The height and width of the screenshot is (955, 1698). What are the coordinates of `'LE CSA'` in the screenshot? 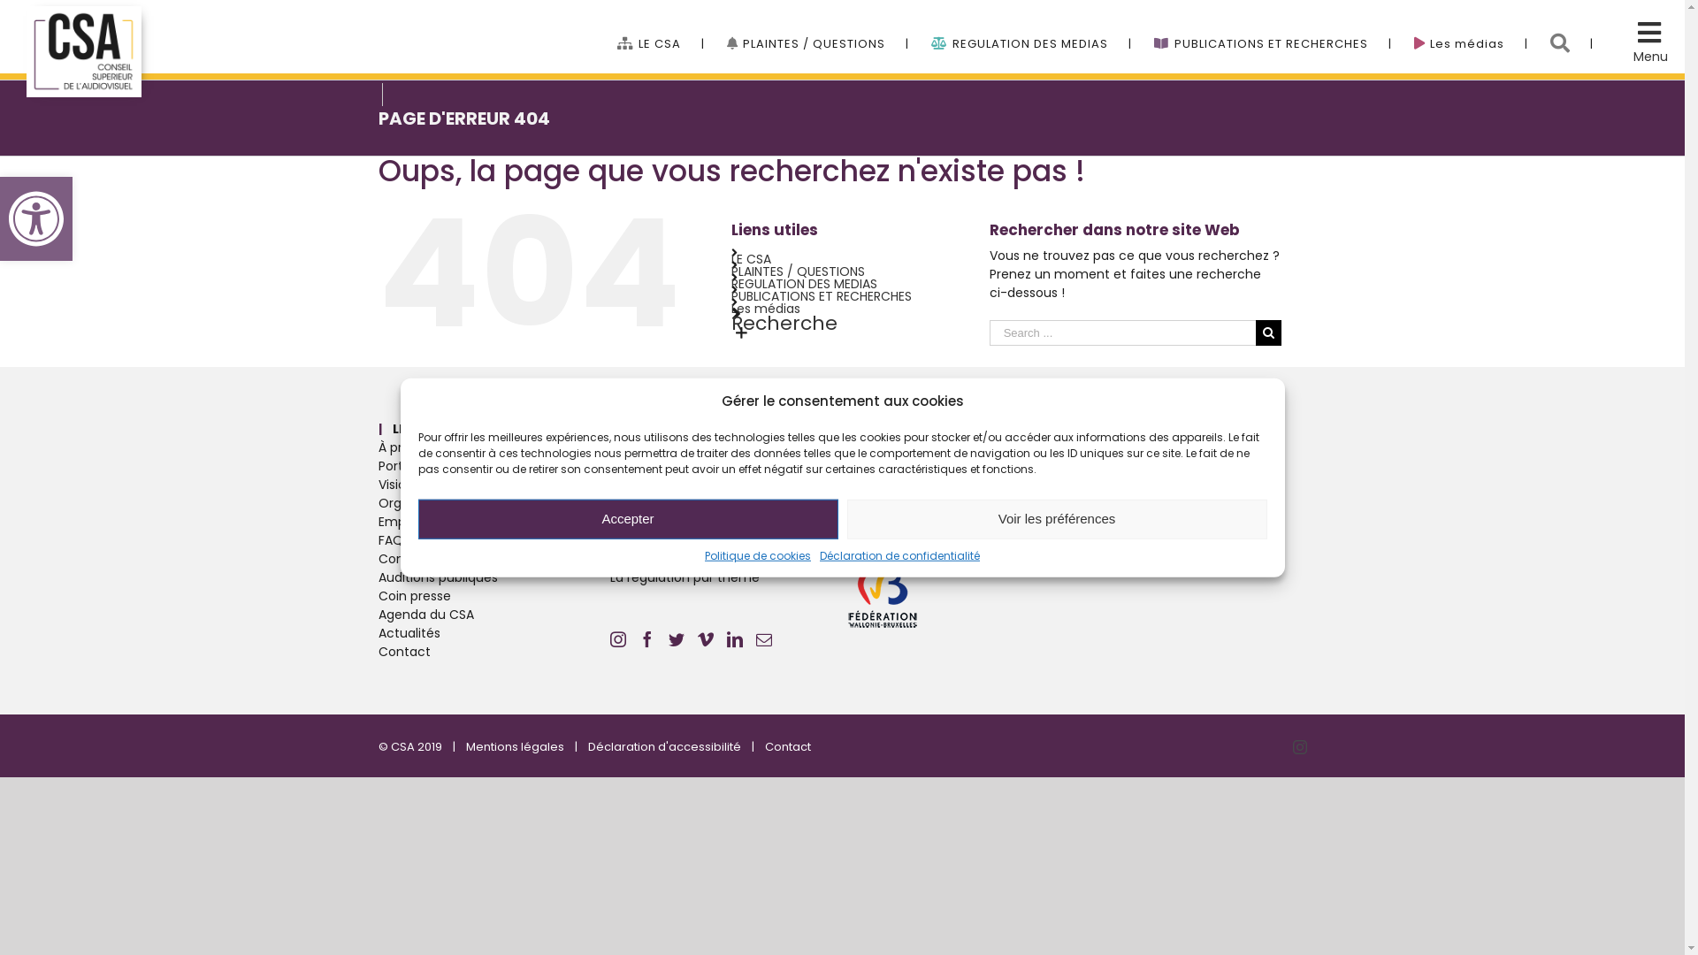 It's located at (660, 26).